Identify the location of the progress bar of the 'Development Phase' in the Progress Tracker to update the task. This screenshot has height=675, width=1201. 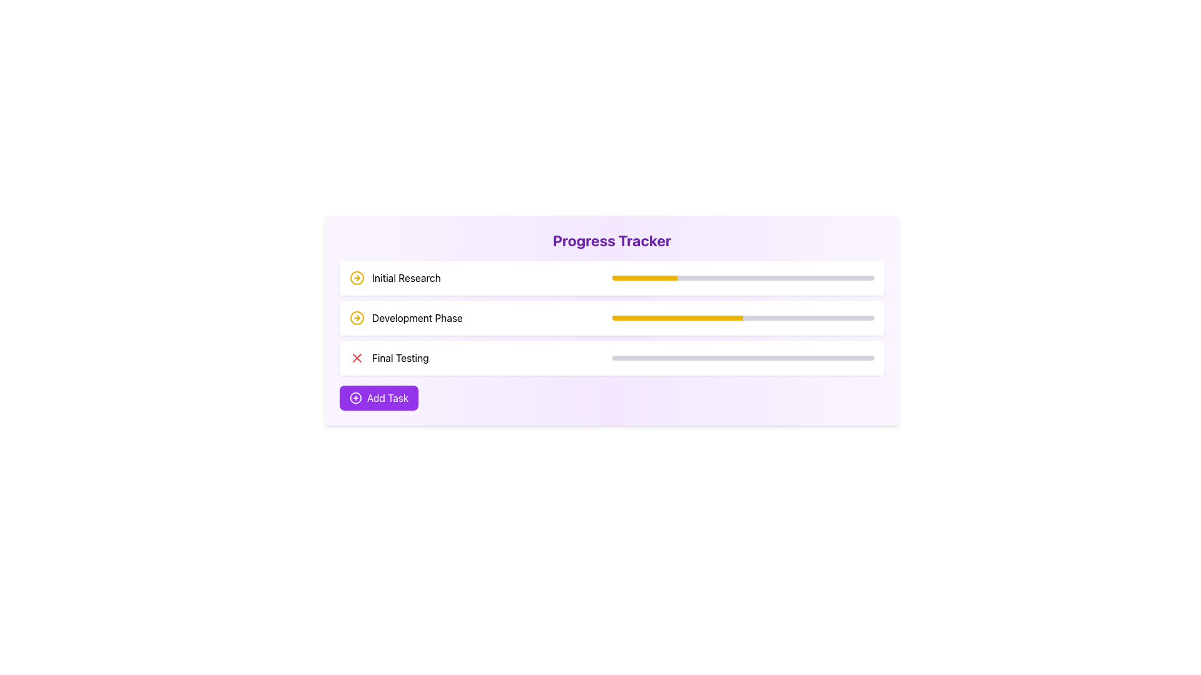
(612, 317).